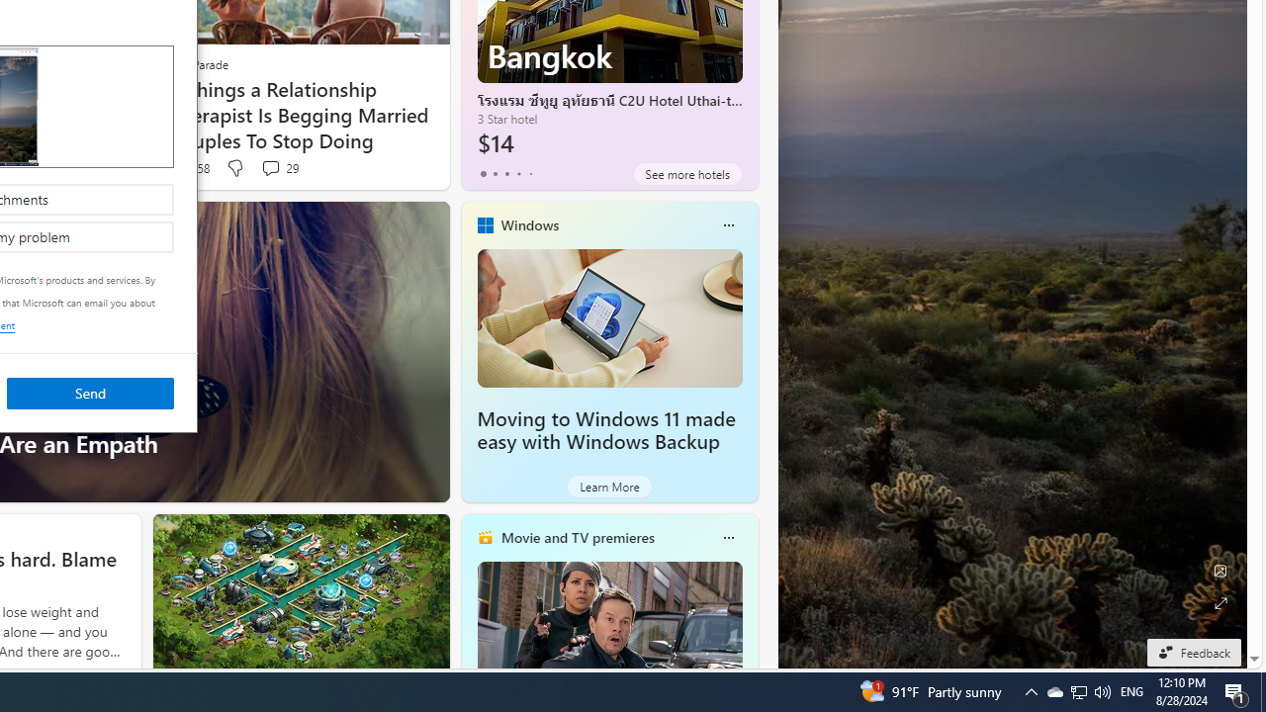 The height and width of the screenshot is (712, 1266). Describe the element at coordinates (495, 173) in the screenshot. I see `'tab-1'` at that location.